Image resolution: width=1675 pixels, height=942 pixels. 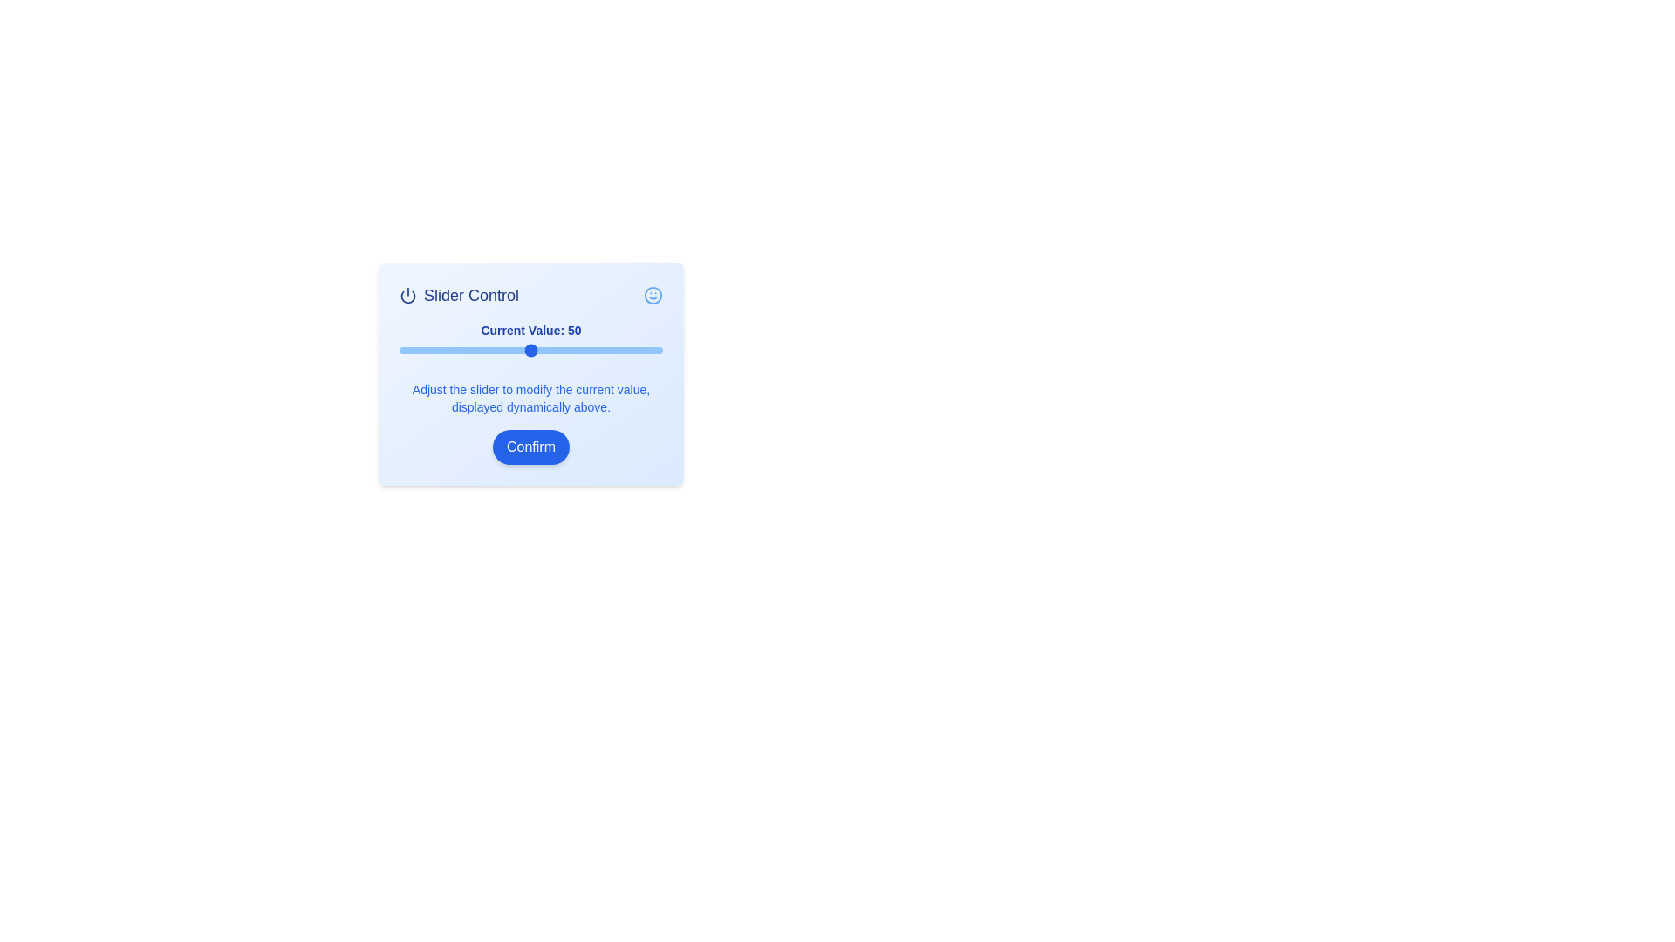 I want to click on the 'Confirm' button, which is a rounded rectangular button with a blue background and white text, so click(x=530, y=447).